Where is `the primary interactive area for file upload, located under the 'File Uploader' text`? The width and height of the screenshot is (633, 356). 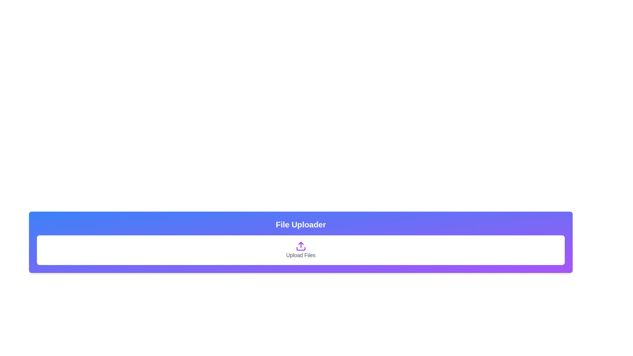 the primary interactive area for file upload, located under the 'File Uploader' text is located at coordinates (300, 250).